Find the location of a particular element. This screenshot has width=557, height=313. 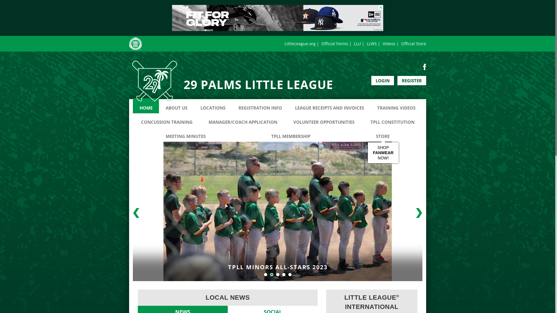

'LLU' is located at coordinates (357, 43).